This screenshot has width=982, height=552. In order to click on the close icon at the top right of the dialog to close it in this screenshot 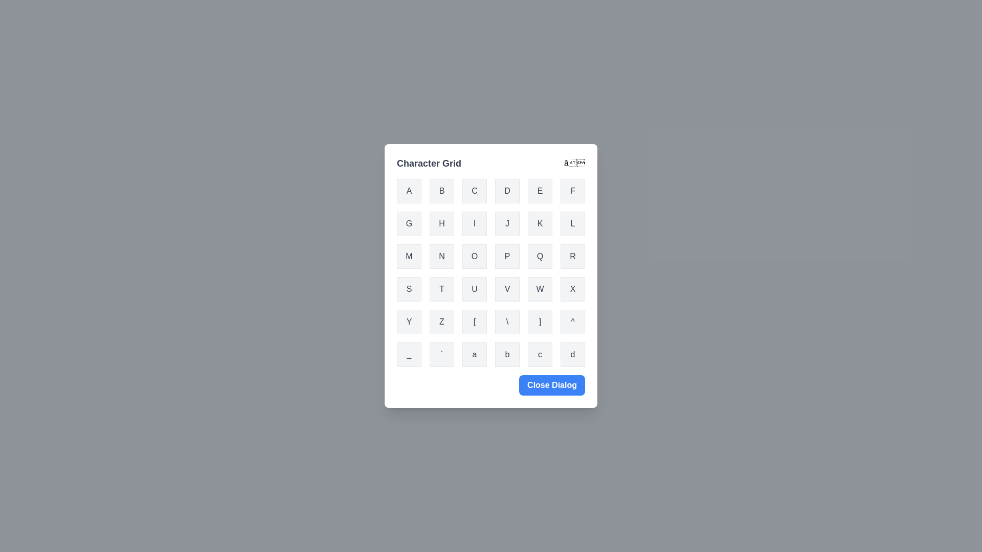, I will do `click(574, 163)`.